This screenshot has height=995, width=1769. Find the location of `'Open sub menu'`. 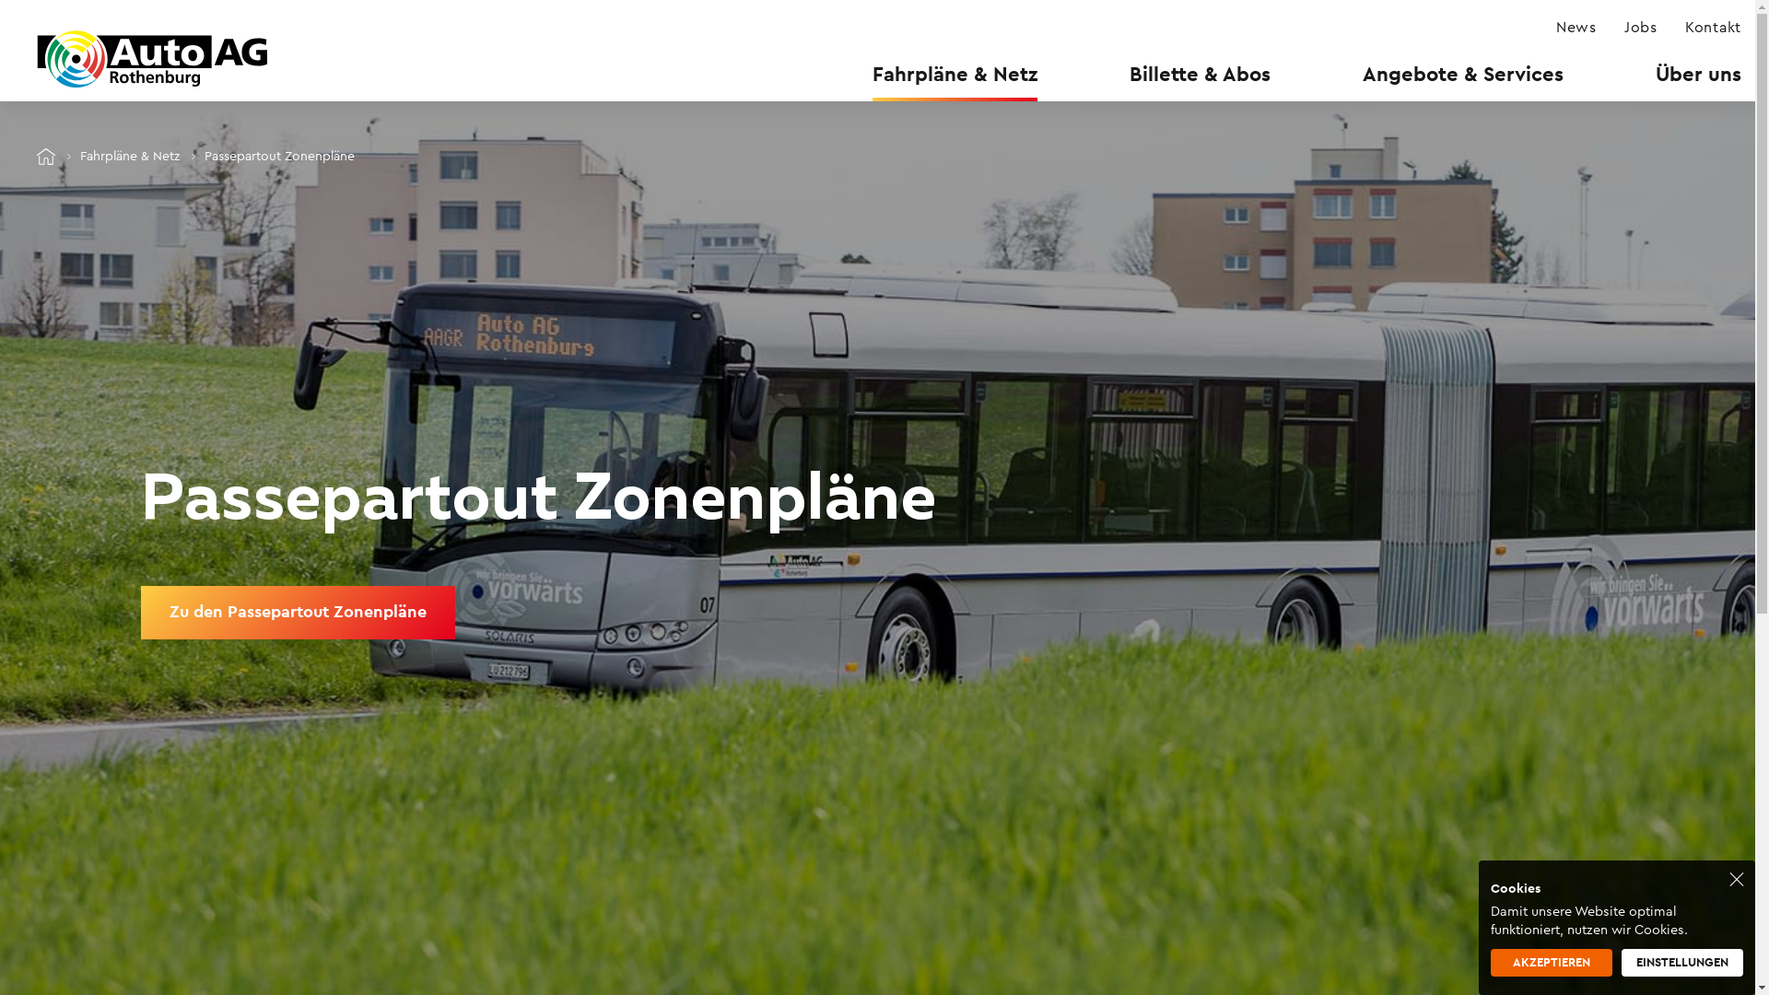

'Open sub menu' is located at coordinates (13, 14).